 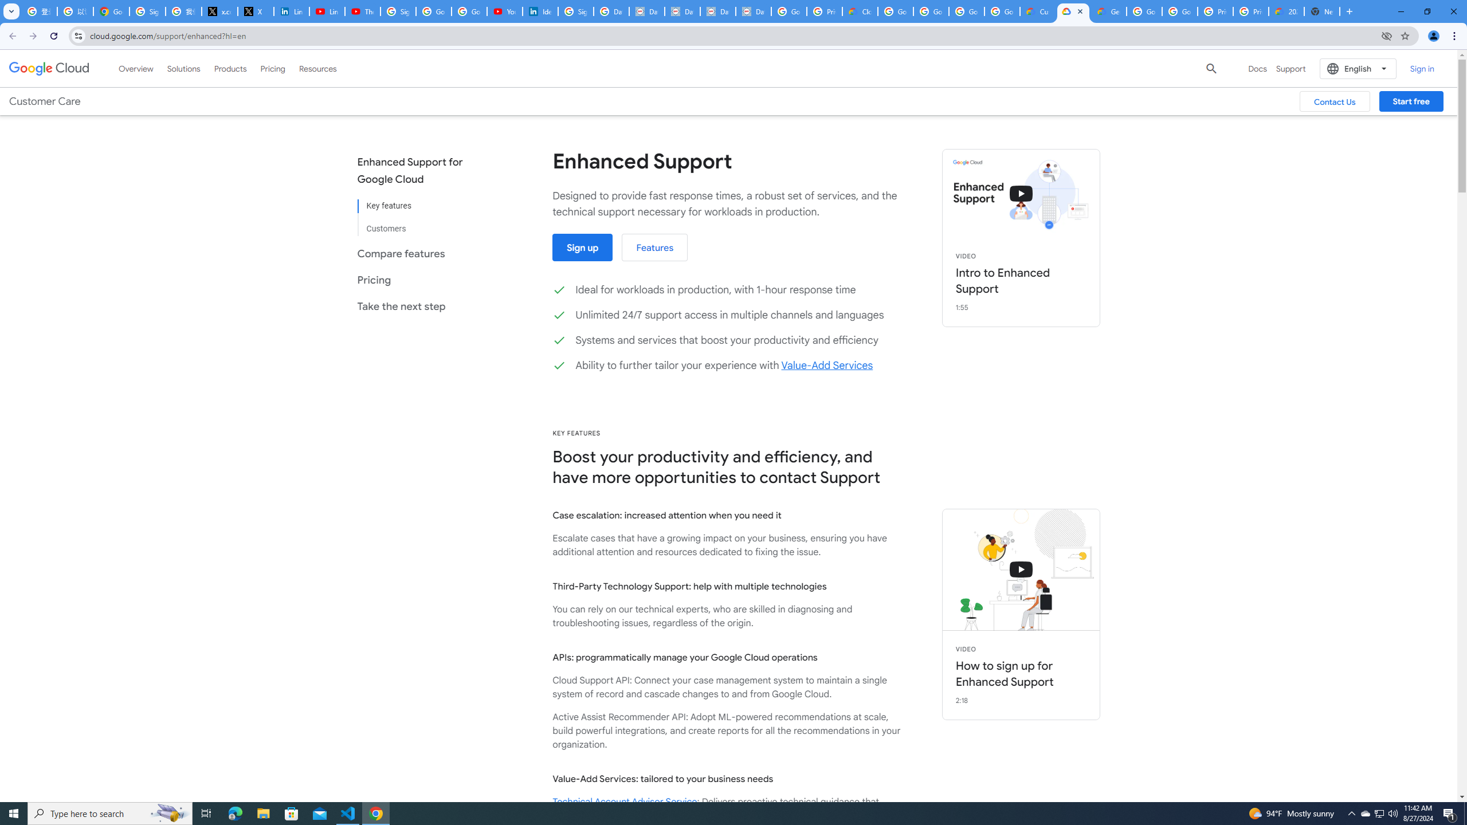 What do you see at coordinates (1411, 101) in the screenshot?
I see `'Start free'` at bounding box center [1411, 101].